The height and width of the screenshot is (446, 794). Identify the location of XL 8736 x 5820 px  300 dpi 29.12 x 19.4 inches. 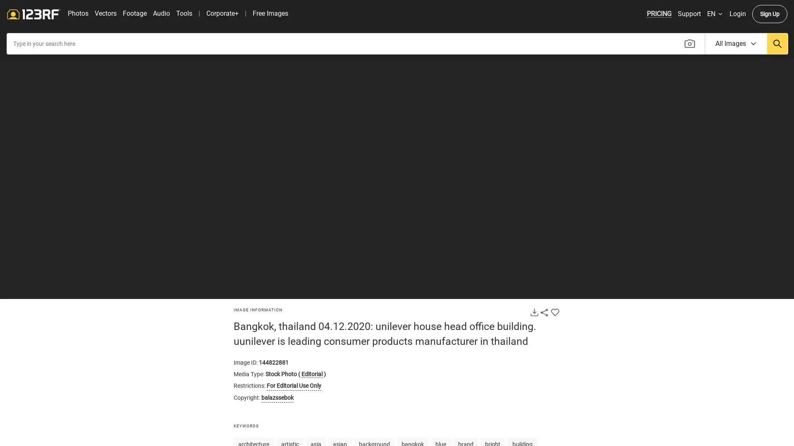
(732, 237).